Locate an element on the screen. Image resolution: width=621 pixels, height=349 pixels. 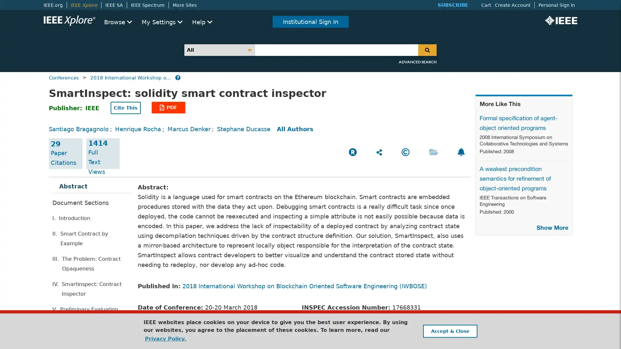
29 Paper Citations is located at coordinates (65, 153).